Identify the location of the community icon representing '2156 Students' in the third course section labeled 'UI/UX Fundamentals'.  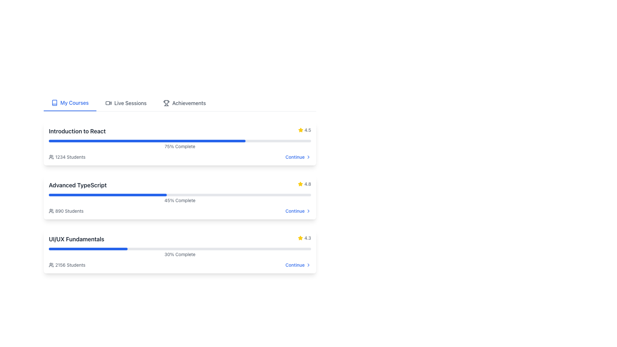
(51, 265).